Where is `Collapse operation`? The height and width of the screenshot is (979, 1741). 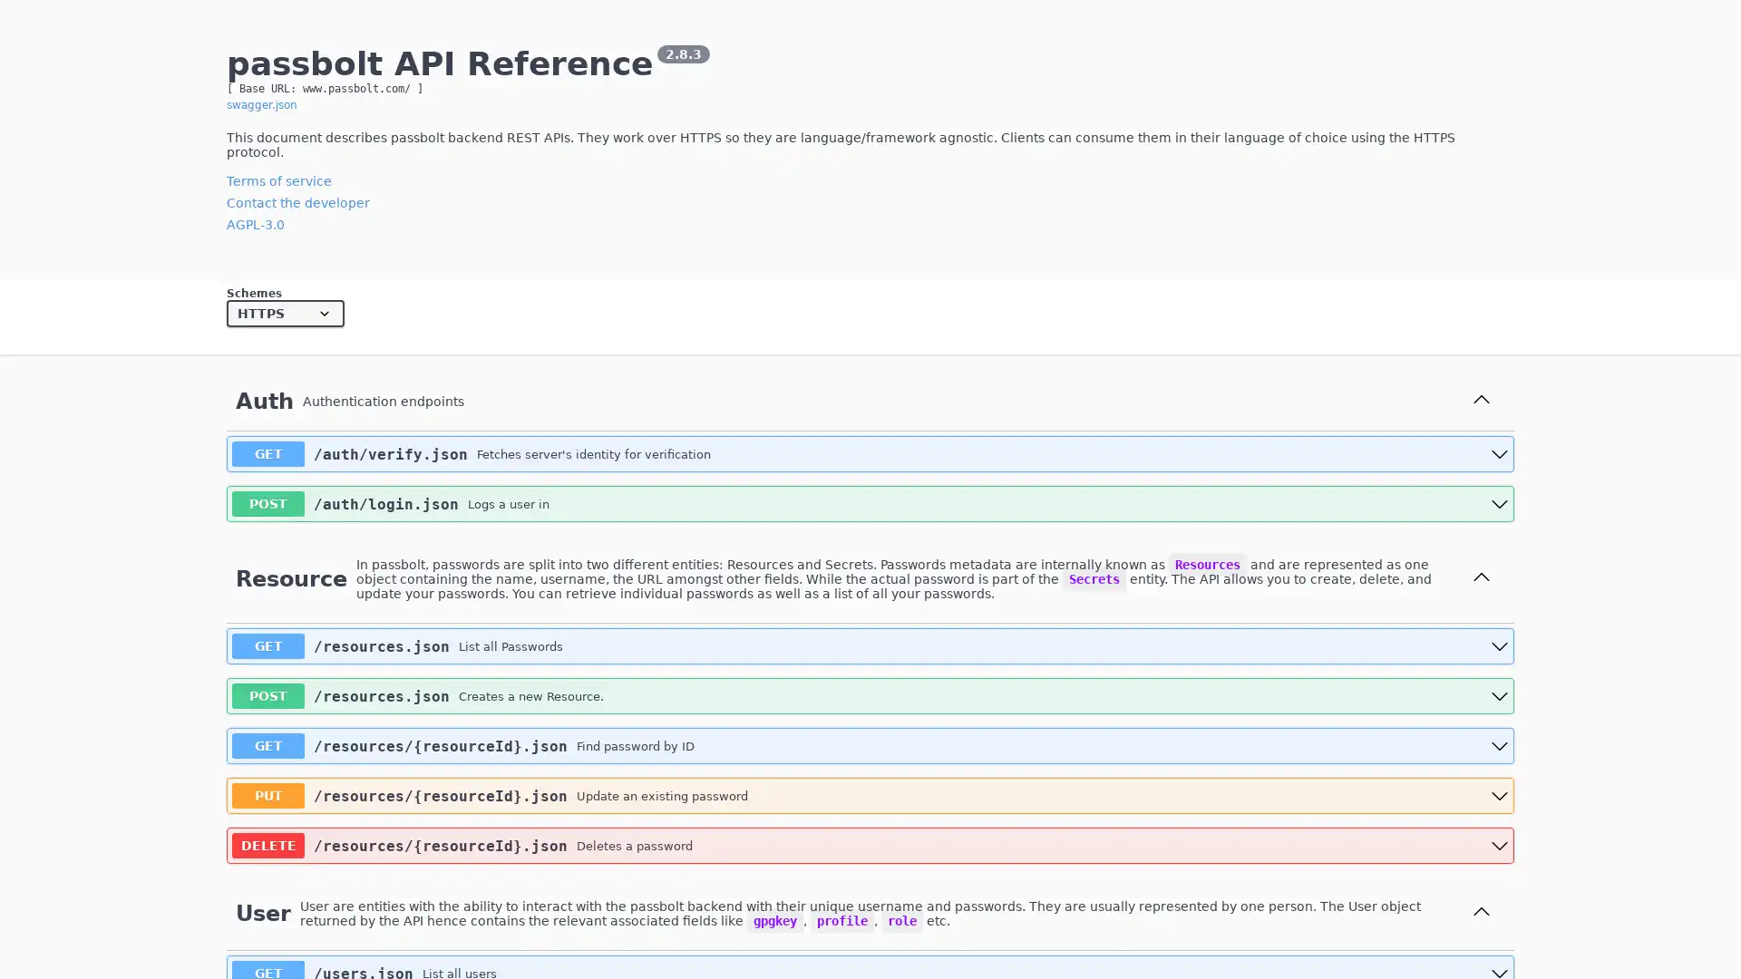 Collapse operation is located at coordinates (1481, 913).